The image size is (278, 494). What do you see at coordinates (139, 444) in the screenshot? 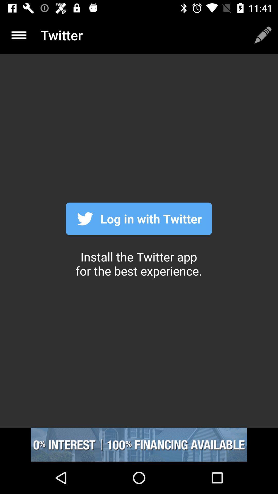
I see `button for finance advertisement` at bounding box center [139, 444].